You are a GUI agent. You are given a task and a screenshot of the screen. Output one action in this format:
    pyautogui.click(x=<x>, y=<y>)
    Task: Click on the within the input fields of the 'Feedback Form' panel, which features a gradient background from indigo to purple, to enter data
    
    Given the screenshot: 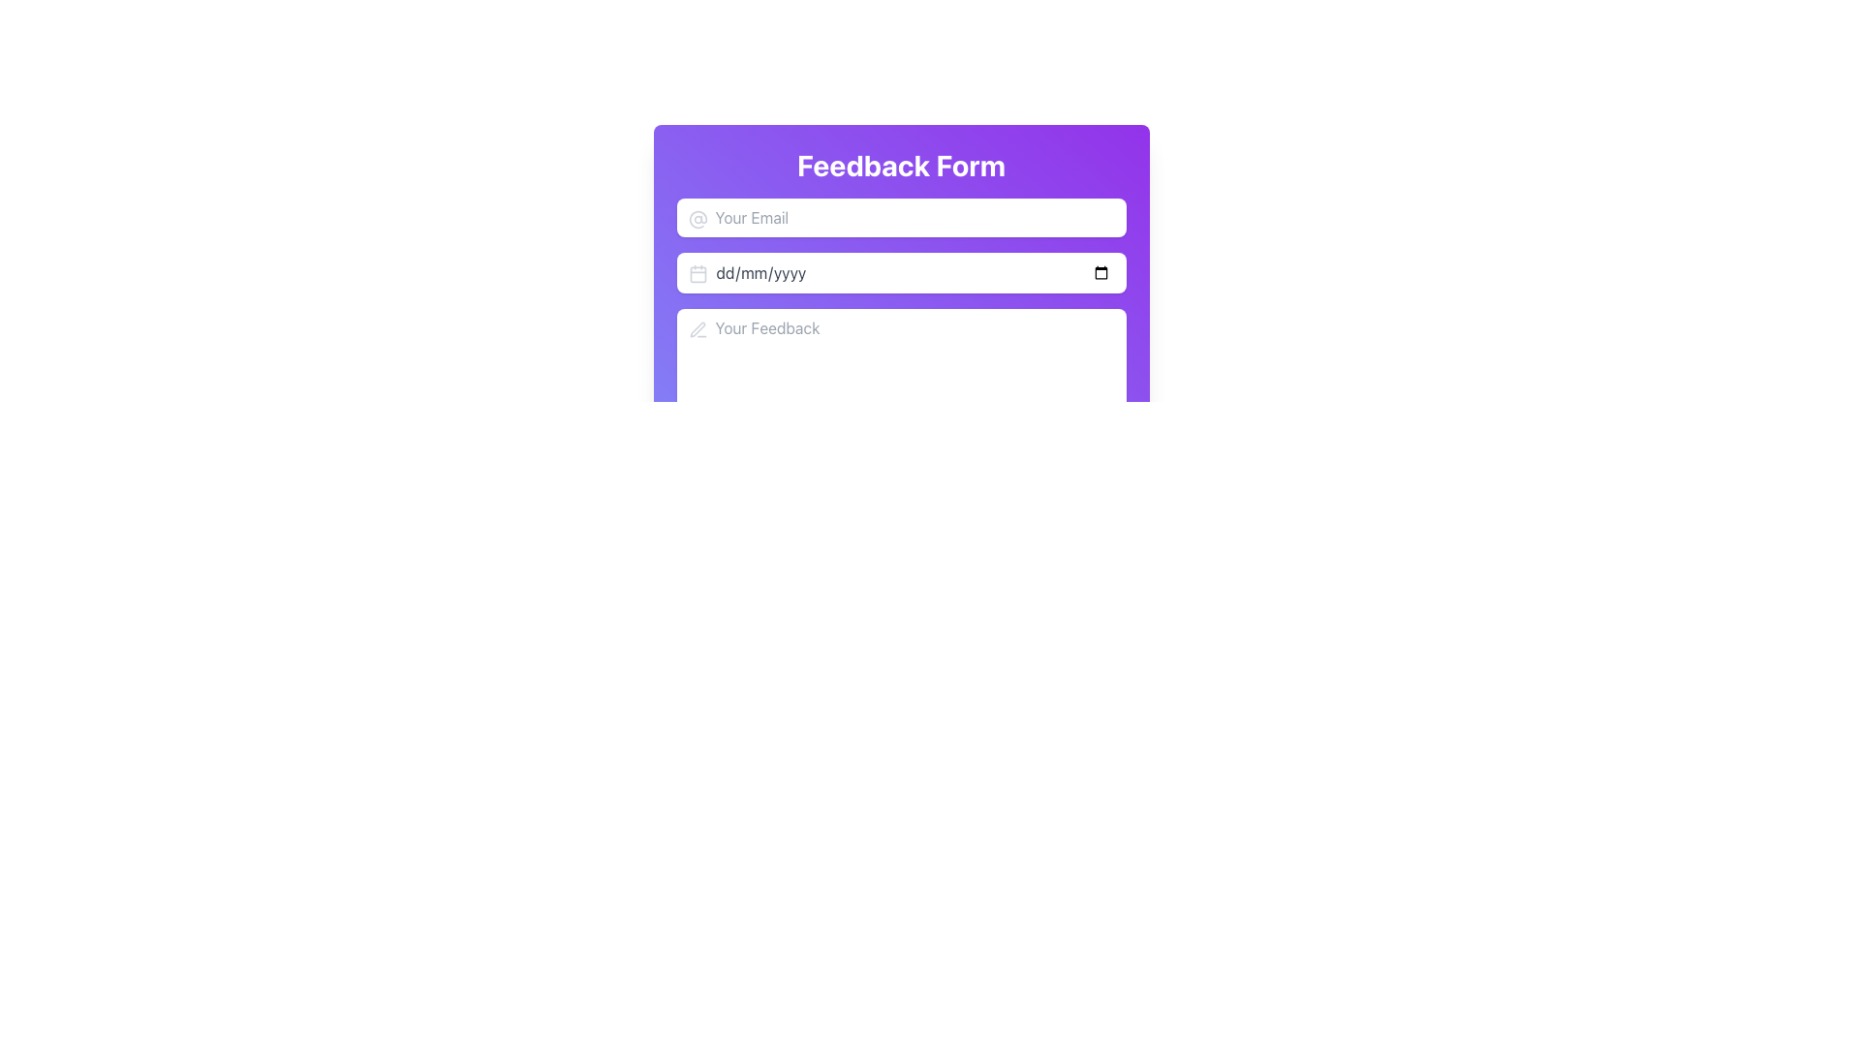 What is the action you would take?
    pyautogui.click(x=900, y=333)
    